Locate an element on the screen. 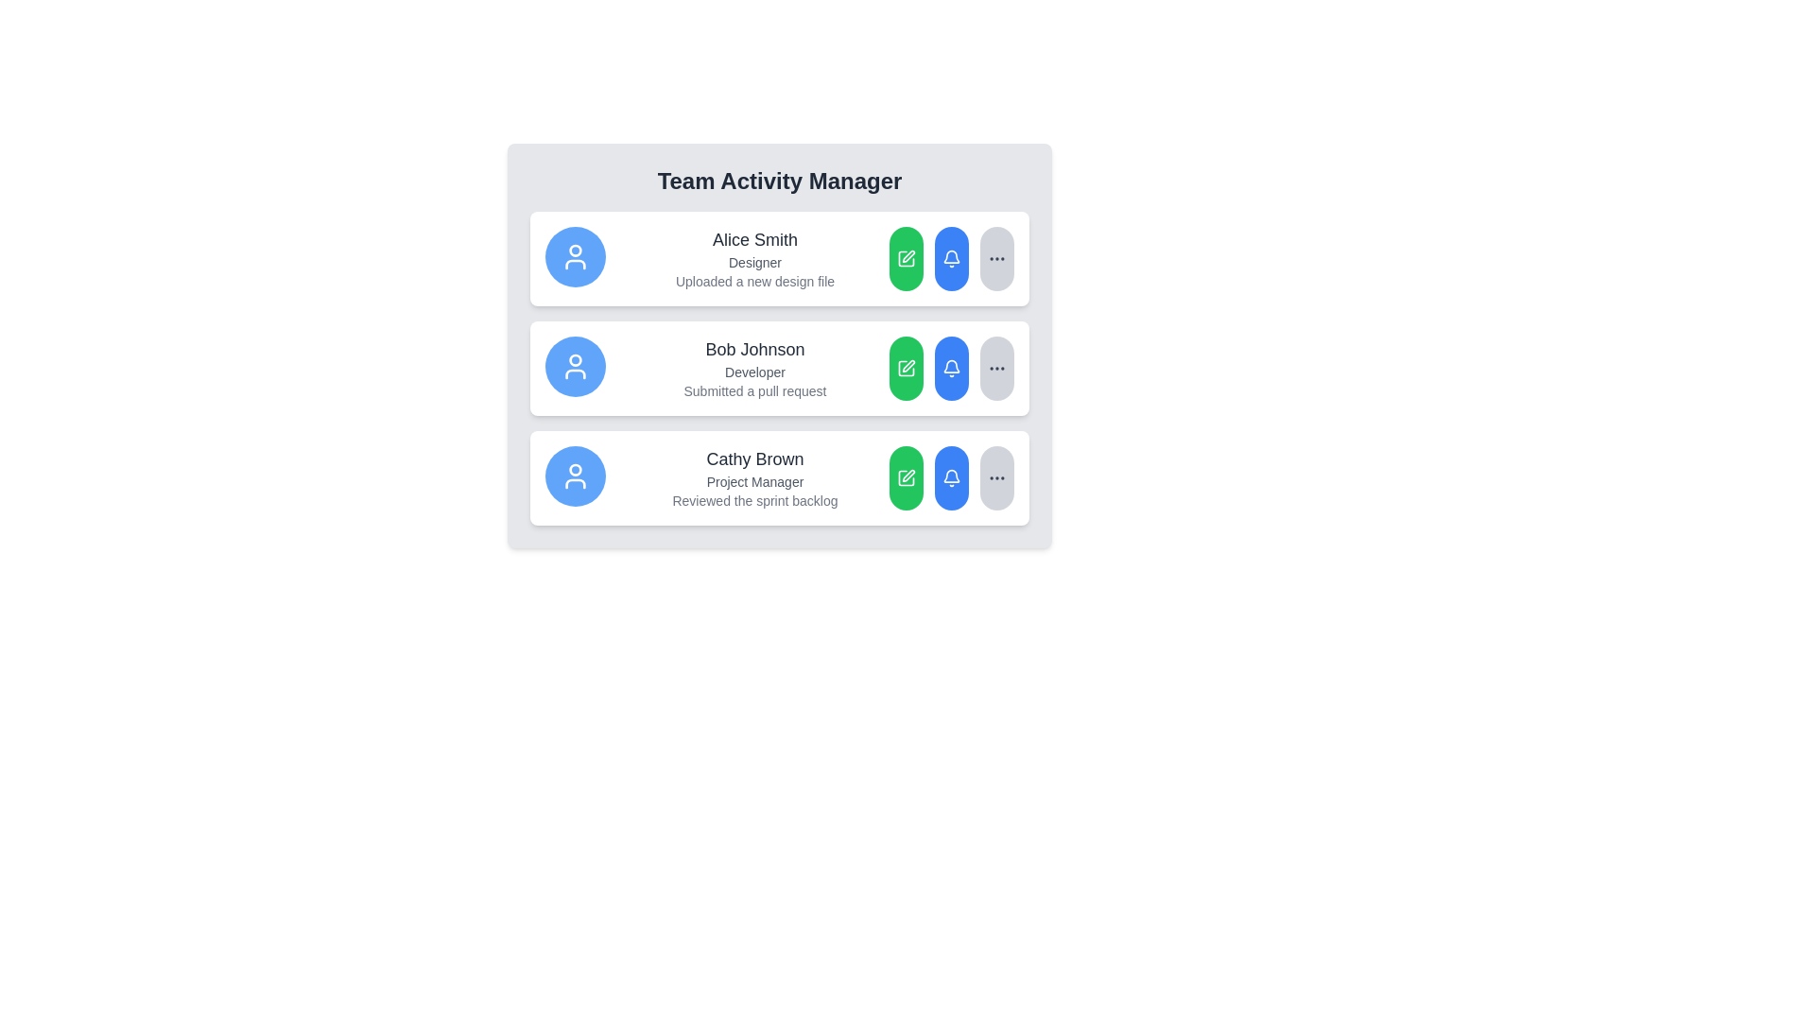  the text content display indicating the activity of Alice Smith, located in the first card of the 'Team Activity Manager' section, positioned in the middle-right of the card next to a circular blue icon is located at coordinates (753, 258).